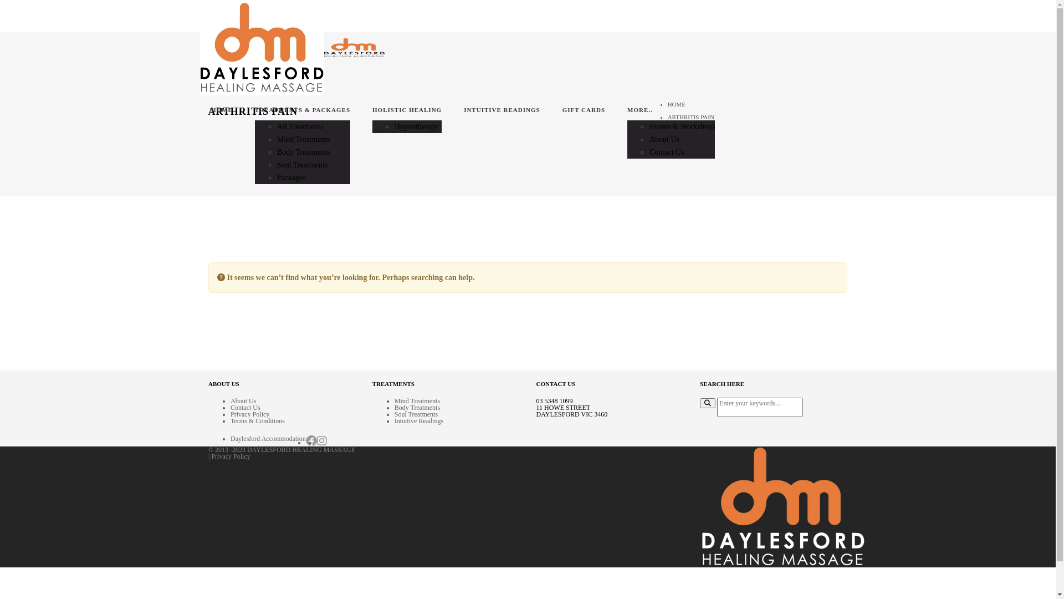 This screenshot has height=599, width=1064. What do you see at coordinates (667, 104) in the screenshot?
I see `'HOME'` at bounding box center [667, 104].